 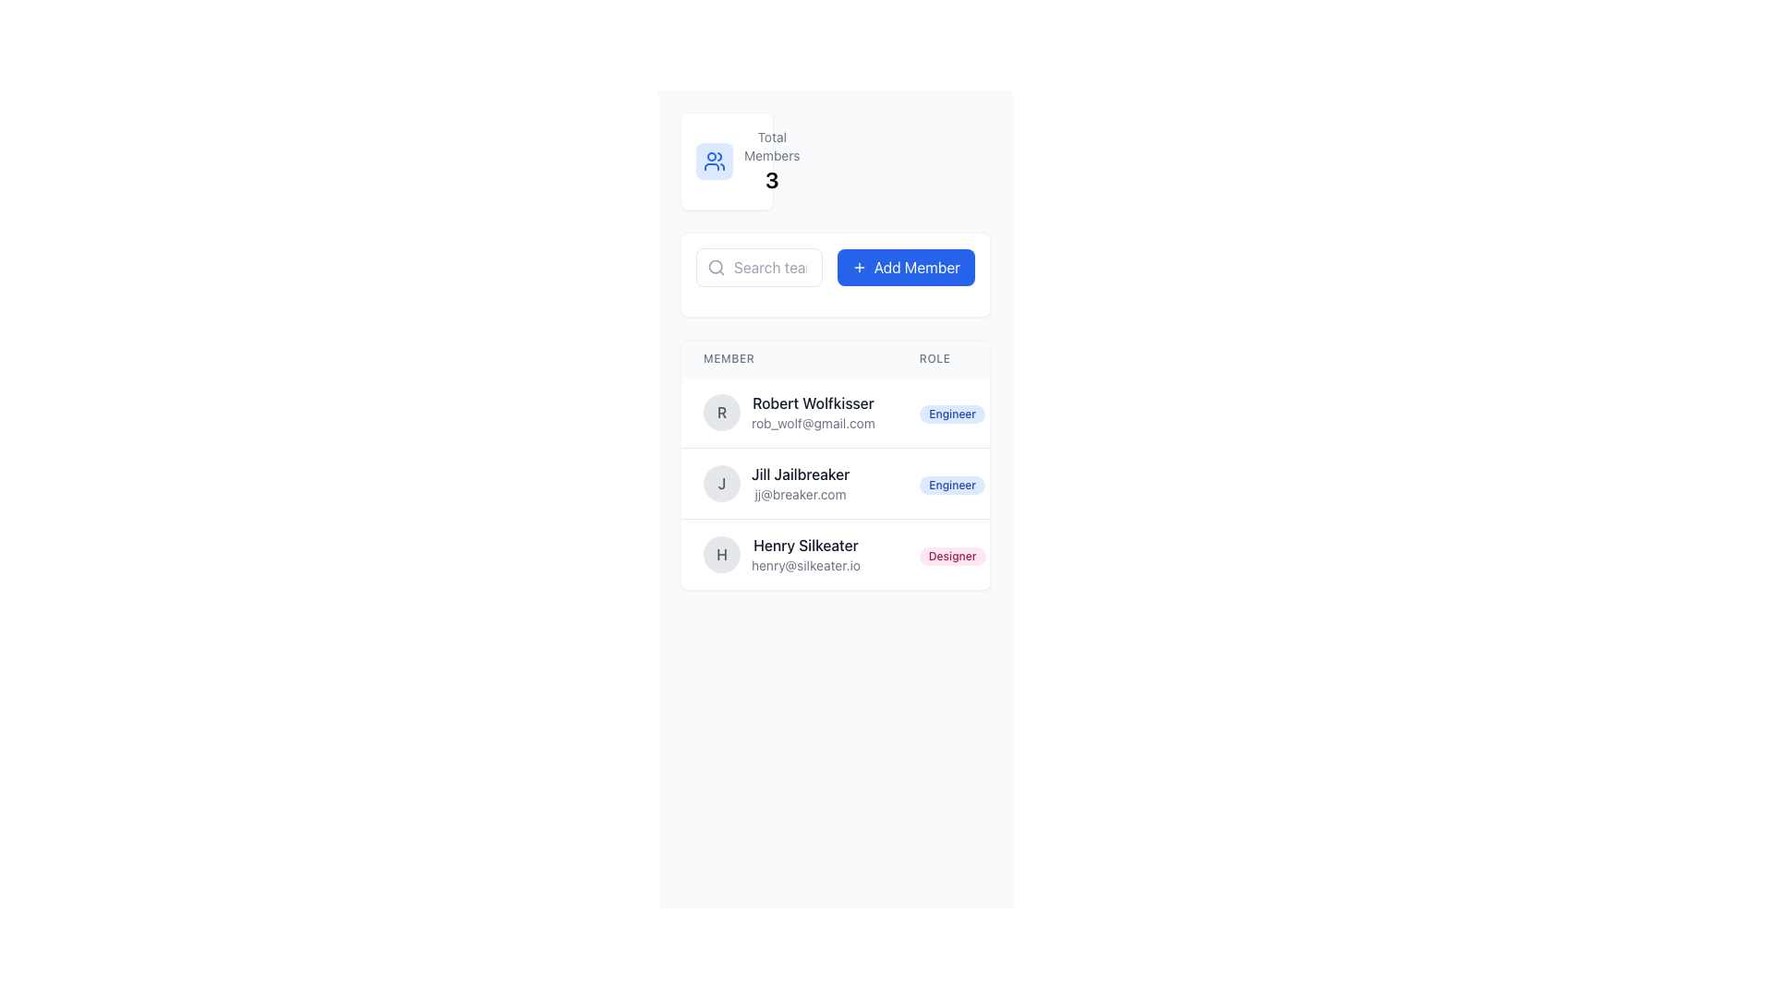 I want to click on the text label displaying the name 'Jill Jailbreaker', so click(x=801, y=473).